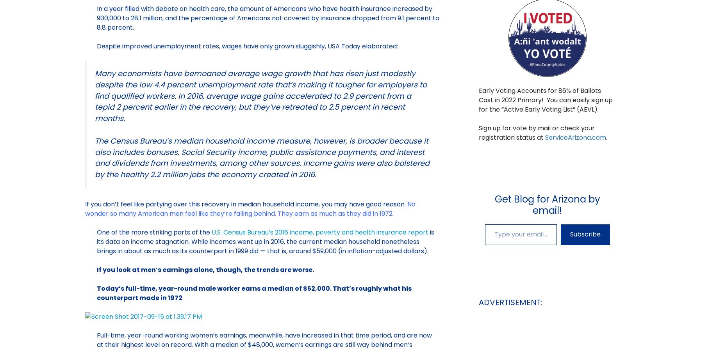  What do you see at coordinates (545, 99) in the screenshot?
I see `'Early Voting Accounts for 86% of Ballots Cast in 2022 Primary!  You can easily sign up for the “Active Early Voting List” (AEVL).'` at bounding box center [545, 99].